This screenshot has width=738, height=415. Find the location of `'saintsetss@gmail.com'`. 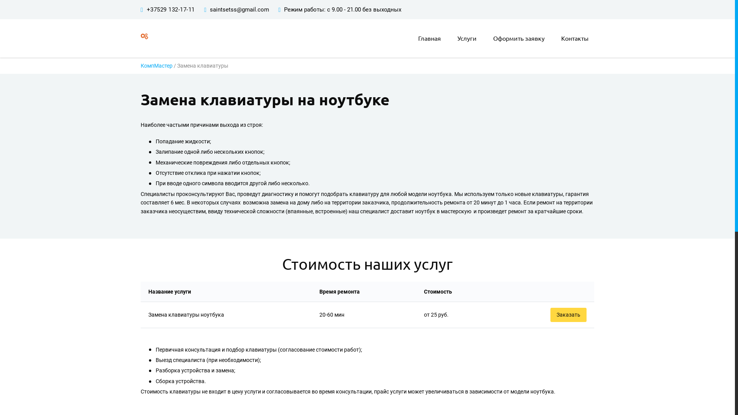

'saintsetss@gmail.com' is located at coordinates (239, 9).